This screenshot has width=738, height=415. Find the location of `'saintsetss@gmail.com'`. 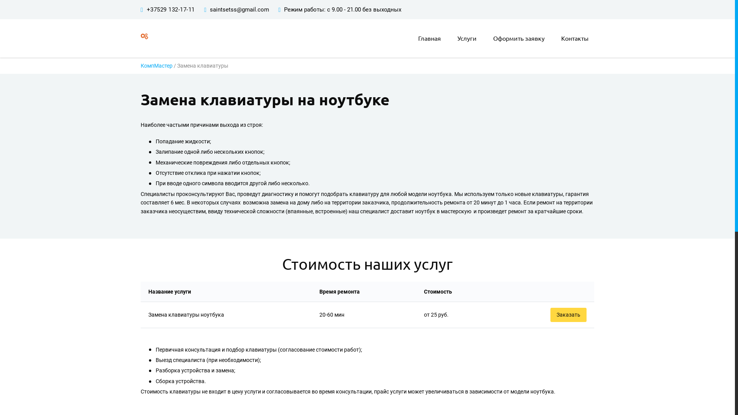

'saintsetss@gmail.com' is located at coordinates (239, 9).